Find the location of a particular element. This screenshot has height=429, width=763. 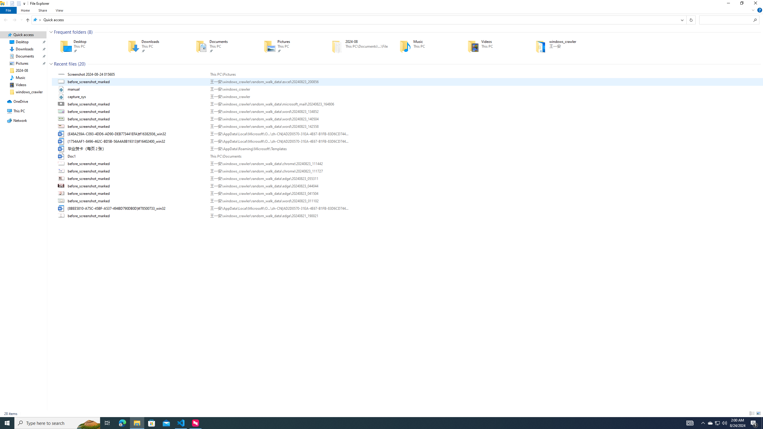

'2024-08' is located at coordinates (357, 46).